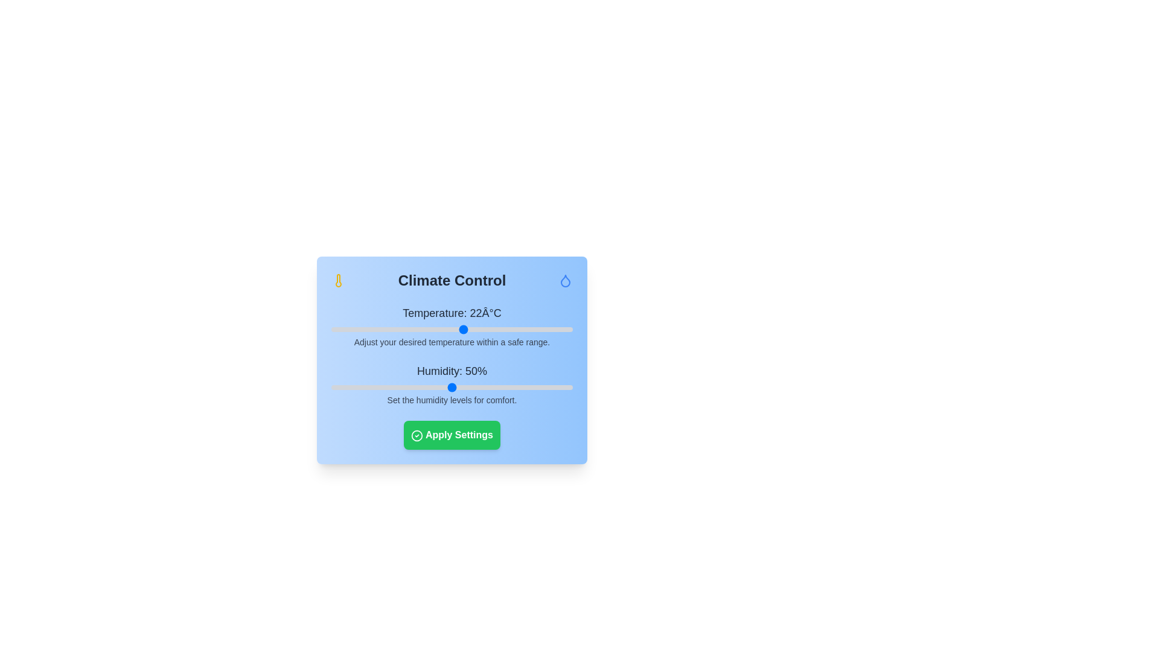  I want to click on the droplet-shaped blue icon located in the top-right corner of the climate control card, which indicates it may become interactive, so click(564, 281).